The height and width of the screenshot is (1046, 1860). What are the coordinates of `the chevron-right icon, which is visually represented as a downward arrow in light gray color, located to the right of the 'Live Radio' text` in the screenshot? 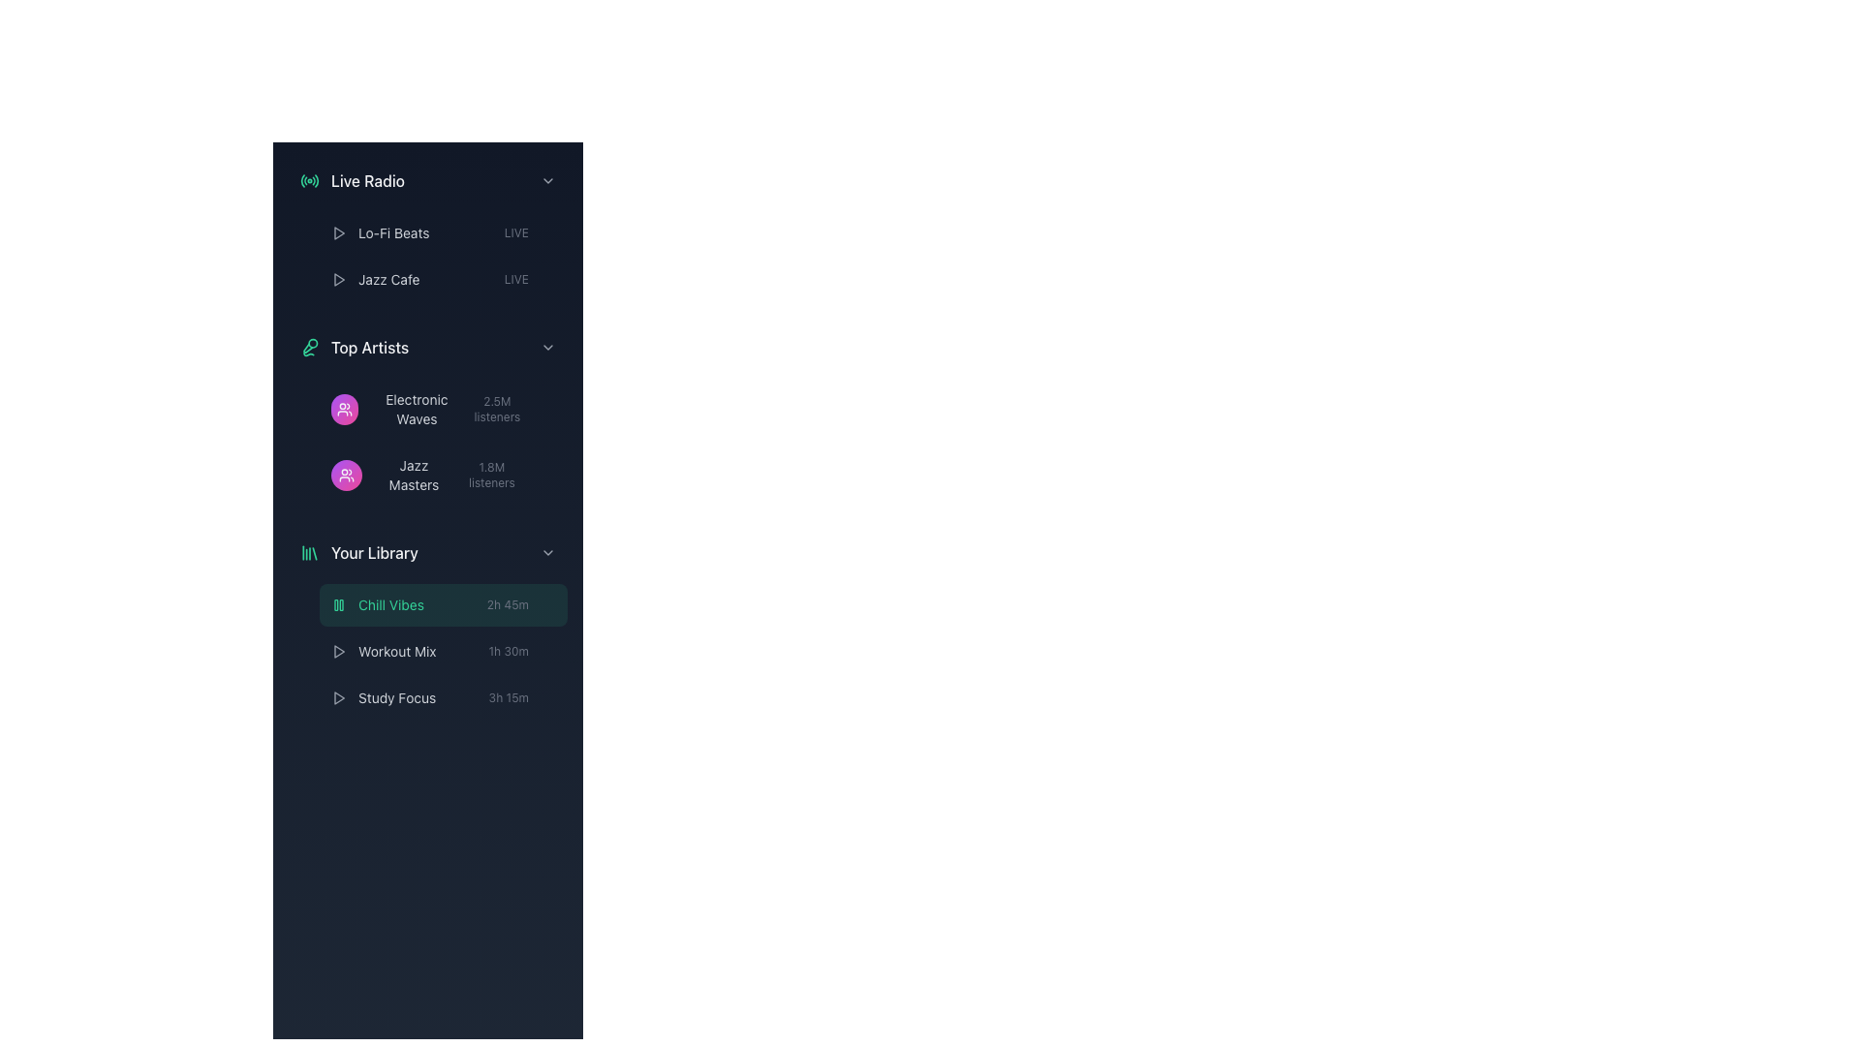 It's located at (547, 180).